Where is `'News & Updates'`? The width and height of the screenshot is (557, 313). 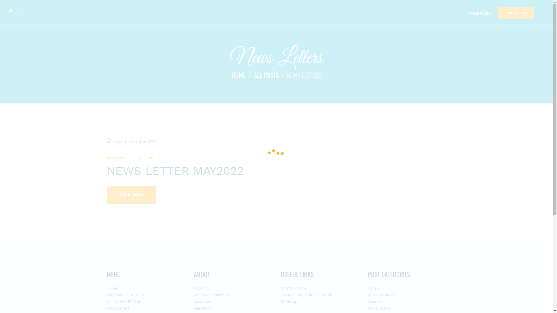
'News & Updates' is located at coordinates (367, 295).